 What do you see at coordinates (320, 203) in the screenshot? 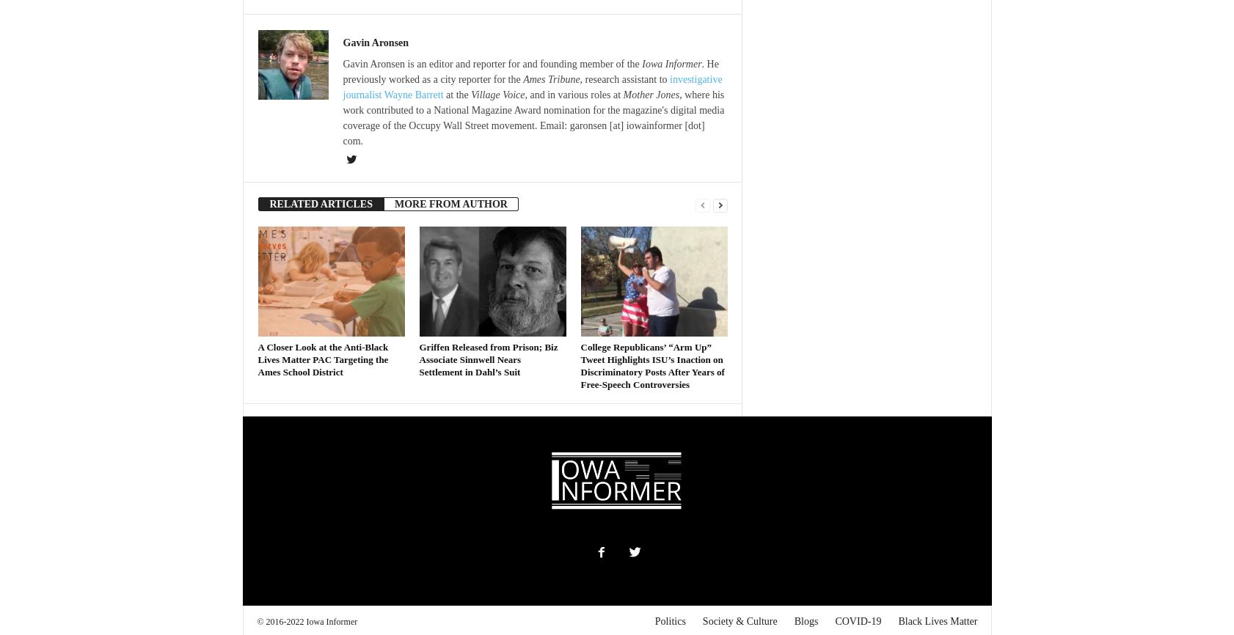
I see `'RELATED ARTICLES'` at bounding box center [320, 203].